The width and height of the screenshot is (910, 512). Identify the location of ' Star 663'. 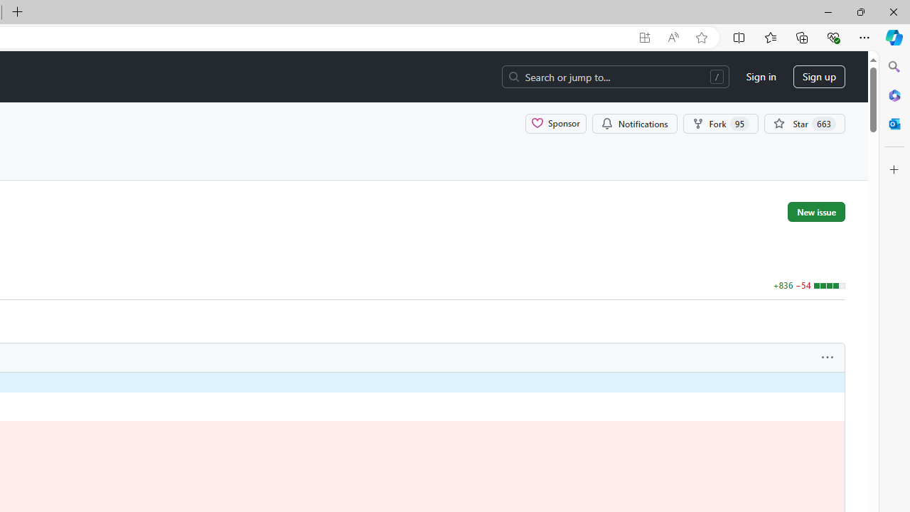
(805, 122).